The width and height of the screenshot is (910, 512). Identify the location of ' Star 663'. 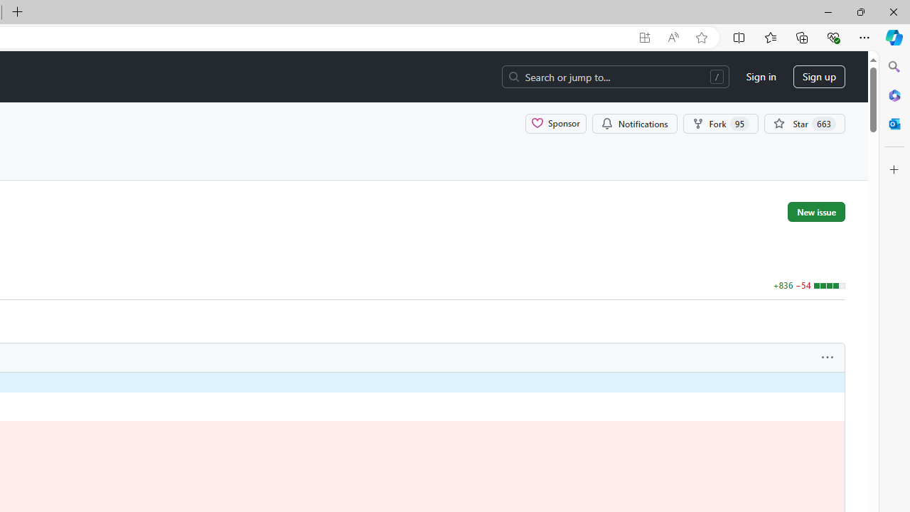
(805, 122).